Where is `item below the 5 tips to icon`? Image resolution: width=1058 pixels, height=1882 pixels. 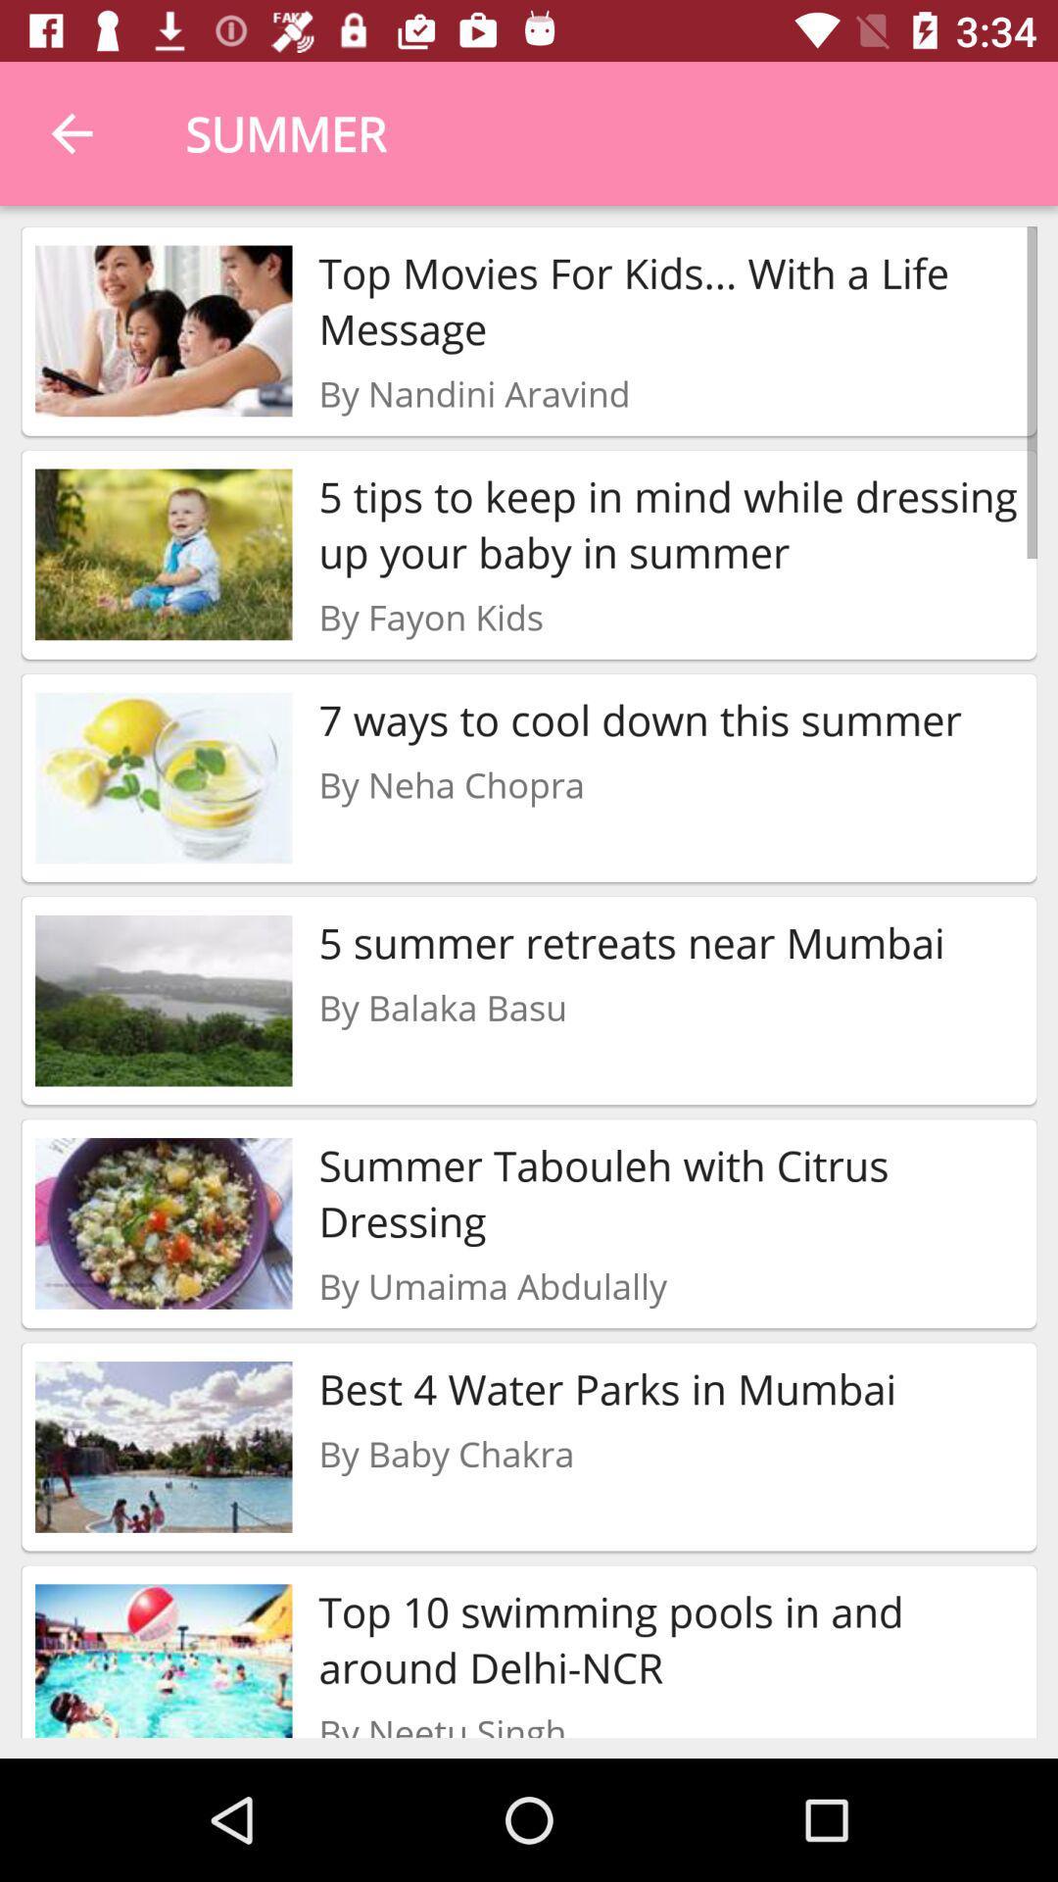 item below the 5 tips to icon is located at coordinates (430, 616).